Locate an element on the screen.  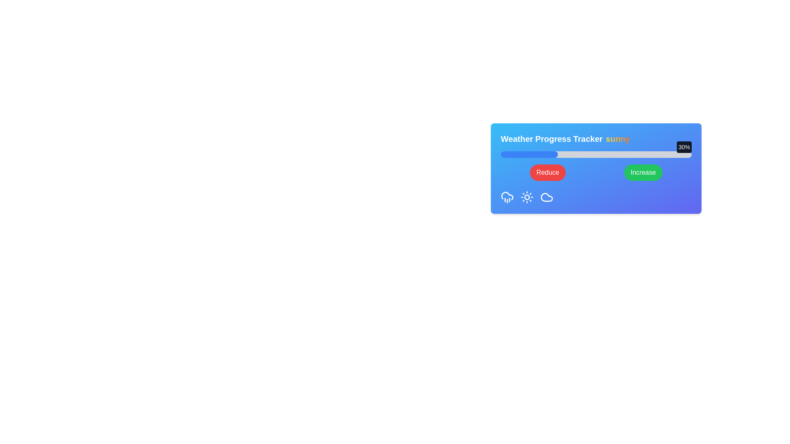
the horizontal progress bar styled with a gray base and blue fill, indicating 30% progress, located below the title 'Weather Progress Tracker sunny' is located at coordinates (596, 154).